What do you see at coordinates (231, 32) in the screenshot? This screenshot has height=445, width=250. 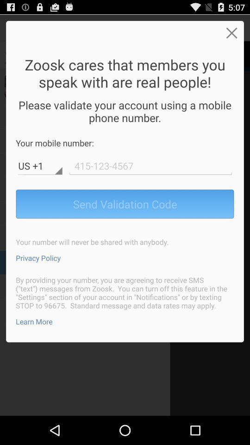 I see `the option` at bounding box center [231, 32].